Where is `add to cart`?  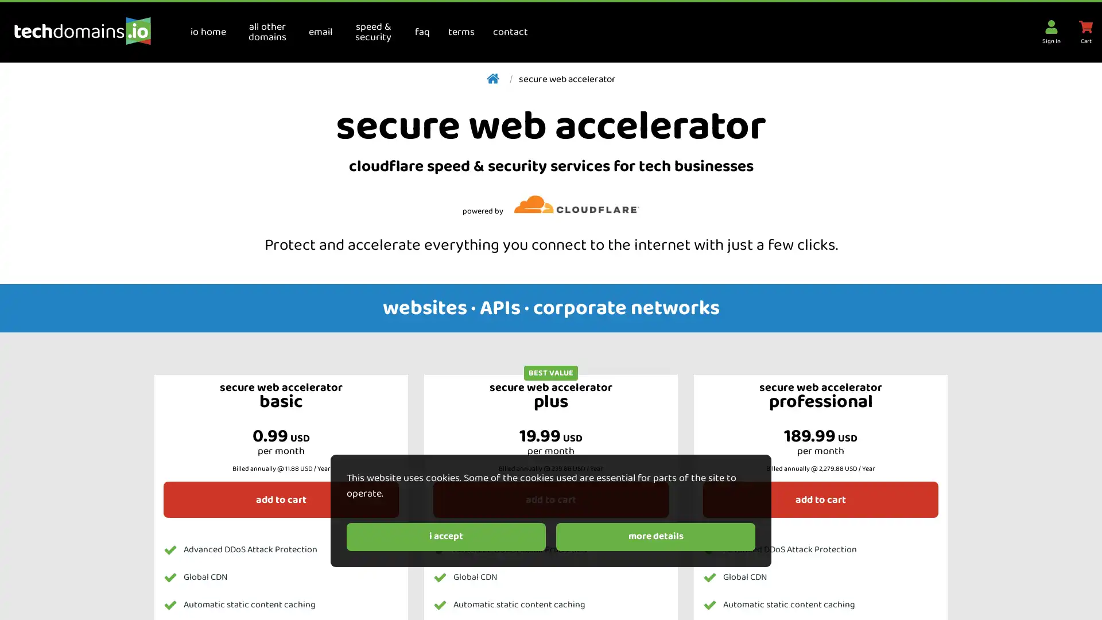 add to cart is located at coordinates (820, 499).